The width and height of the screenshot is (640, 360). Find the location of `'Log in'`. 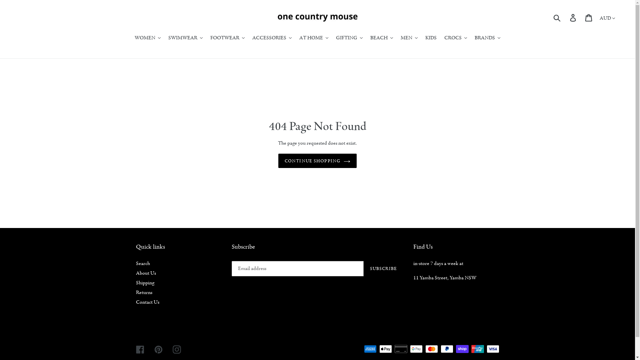

'Log in' is located at coordinates (573, 17).